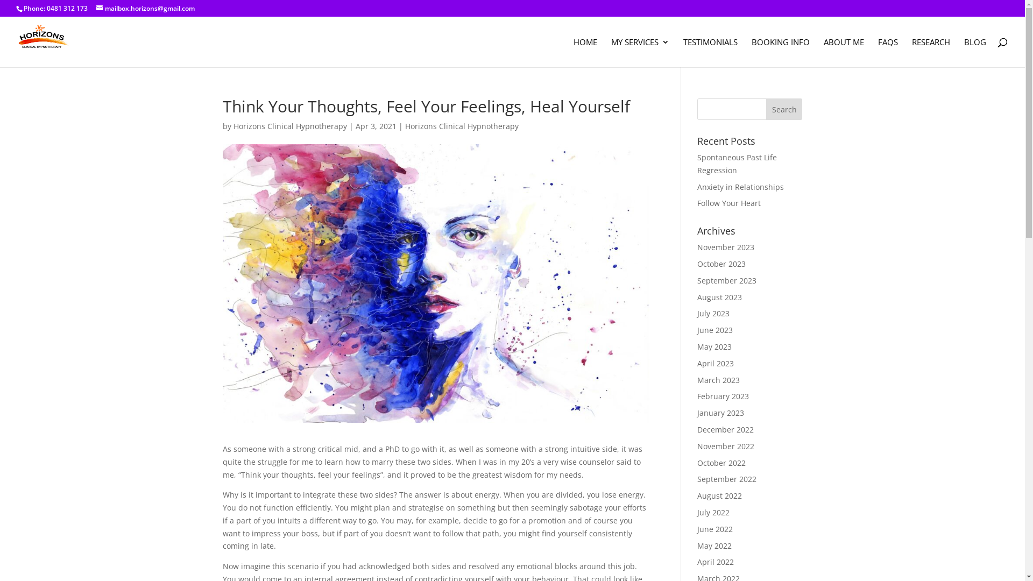 This screenshot has height=581, width=1033. What do you see at coordinates (721, 462) in the screenshot?
I see `'October 2022'` at bounding box center [721, 462].